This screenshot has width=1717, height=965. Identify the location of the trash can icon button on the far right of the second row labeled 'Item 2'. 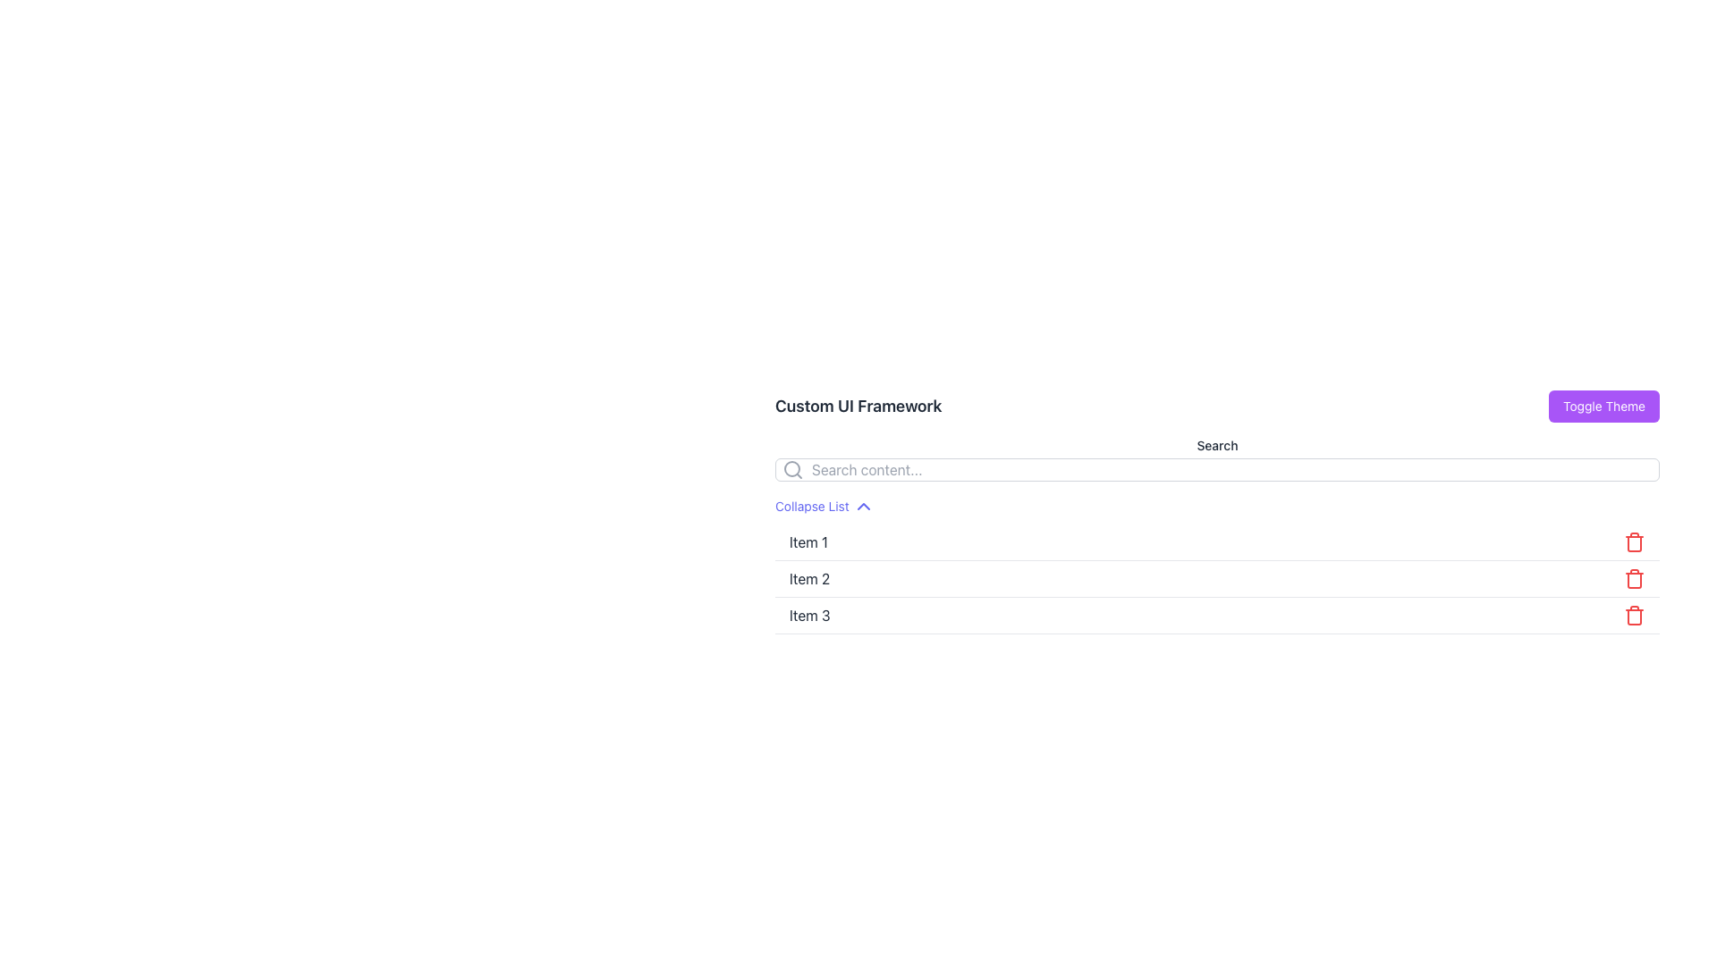
(1635, 579).